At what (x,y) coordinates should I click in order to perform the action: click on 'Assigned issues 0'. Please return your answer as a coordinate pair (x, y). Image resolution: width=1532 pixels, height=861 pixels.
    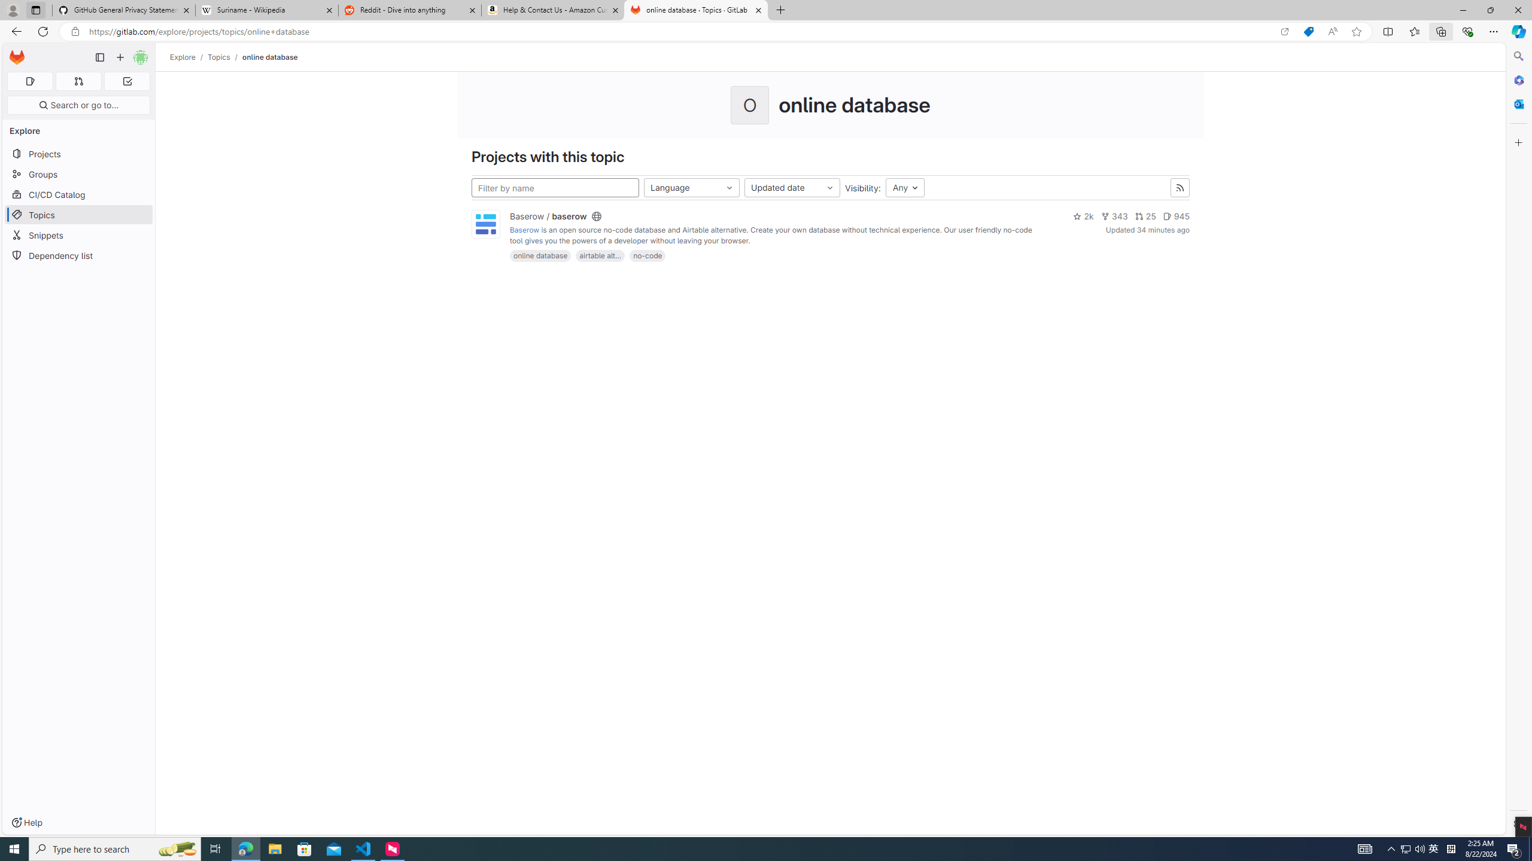
    Looking at the image, I should click on (30, 81).